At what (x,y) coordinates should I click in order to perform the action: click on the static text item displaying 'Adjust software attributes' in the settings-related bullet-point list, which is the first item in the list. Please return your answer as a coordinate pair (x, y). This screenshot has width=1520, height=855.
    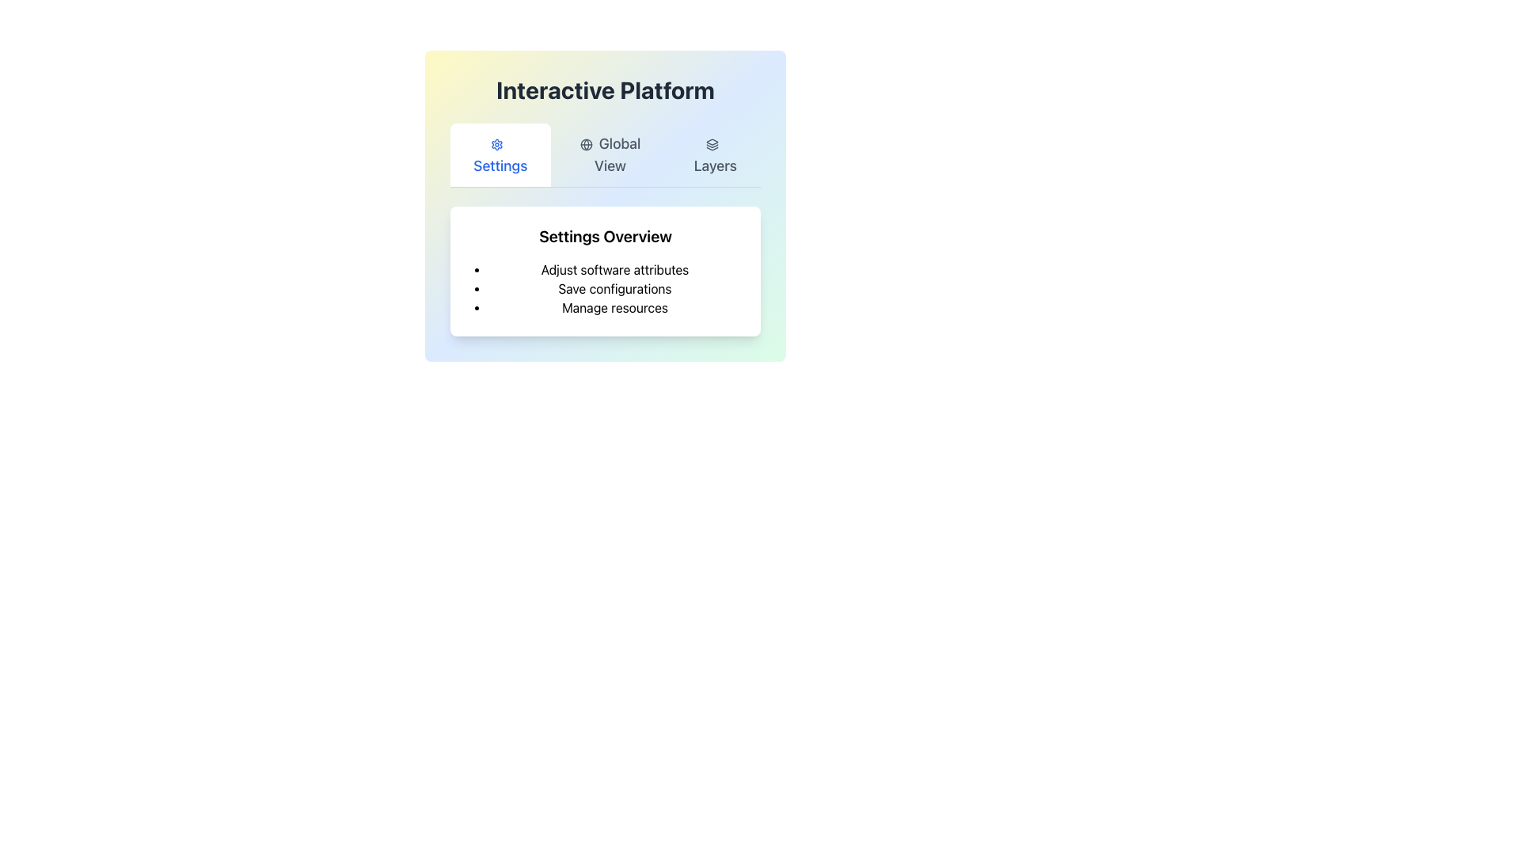
    Looking at the image, I should click on (614, 268).